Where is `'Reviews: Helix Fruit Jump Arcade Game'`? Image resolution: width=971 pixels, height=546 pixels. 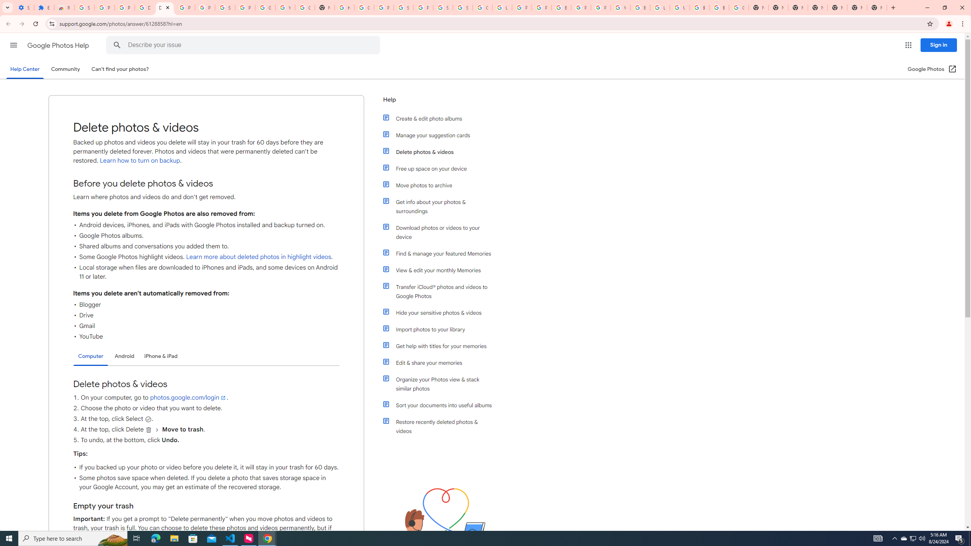
'Reviews: Helix Fruit Jump Arcade Game' is located at coordinates (63, 7).